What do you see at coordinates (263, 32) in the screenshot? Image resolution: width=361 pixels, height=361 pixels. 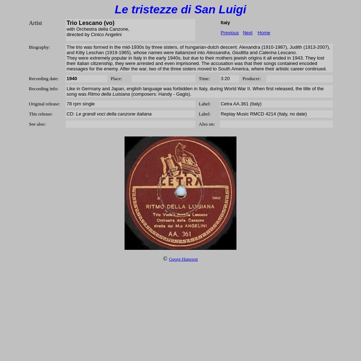 I see `'Home'` at bounding box center [263, 32].